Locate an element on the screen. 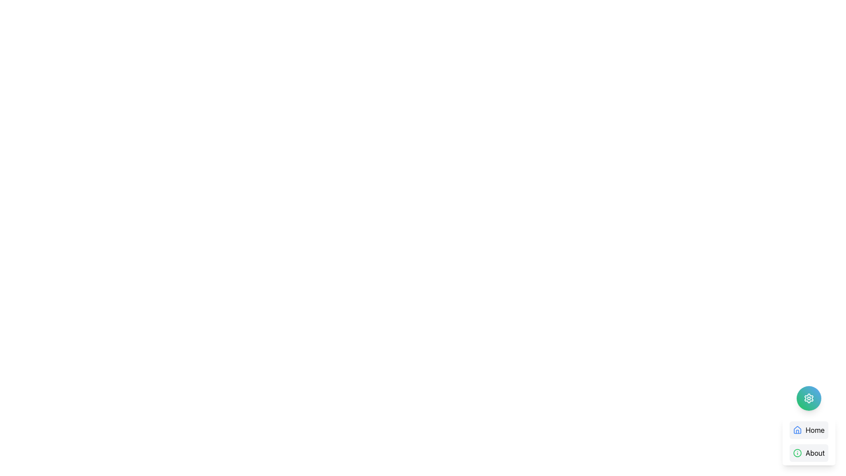  the gear-shaped settings icon located within the circular button at the bottom right corner of the interface is located at coordinates (809, 398).